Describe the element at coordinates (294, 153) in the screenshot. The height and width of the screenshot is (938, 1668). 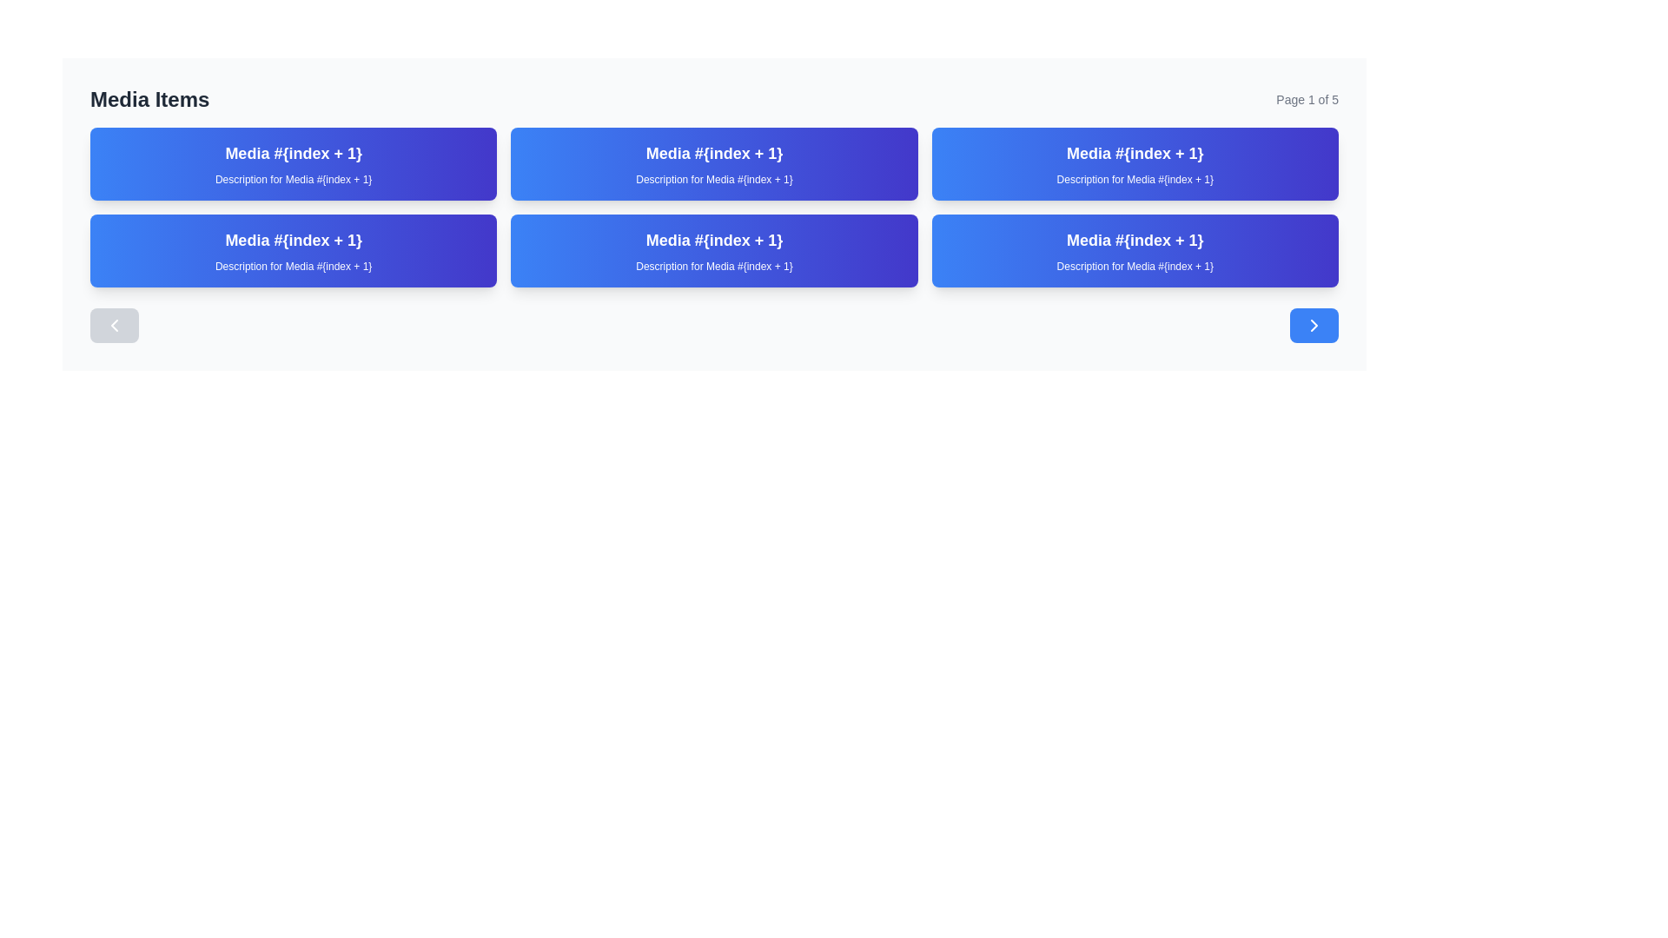
I see `the text label located in the upper-left card of the grid` at that location.